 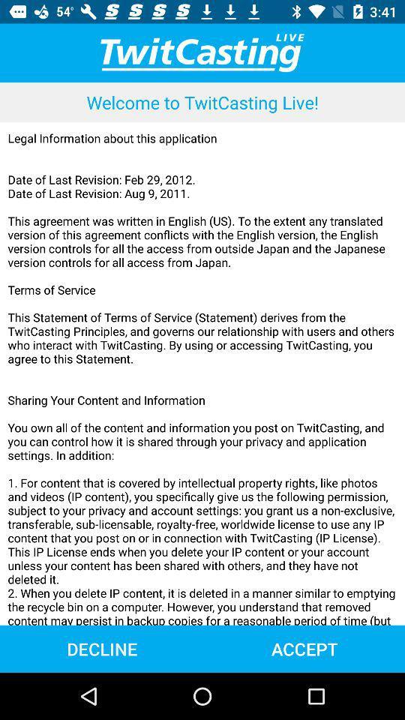 I want to click on accept, so click(x=304, y=648).